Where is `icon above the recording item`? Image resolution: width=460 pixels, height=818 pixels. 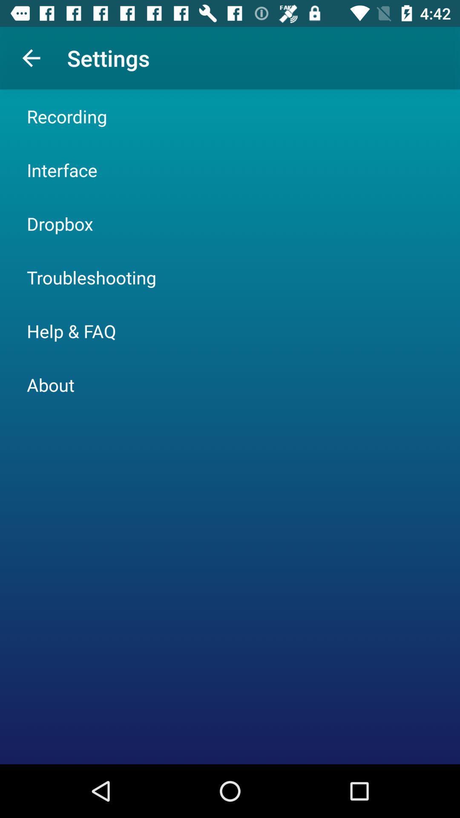
icon above the recording item is located at coordinates (31, 58).